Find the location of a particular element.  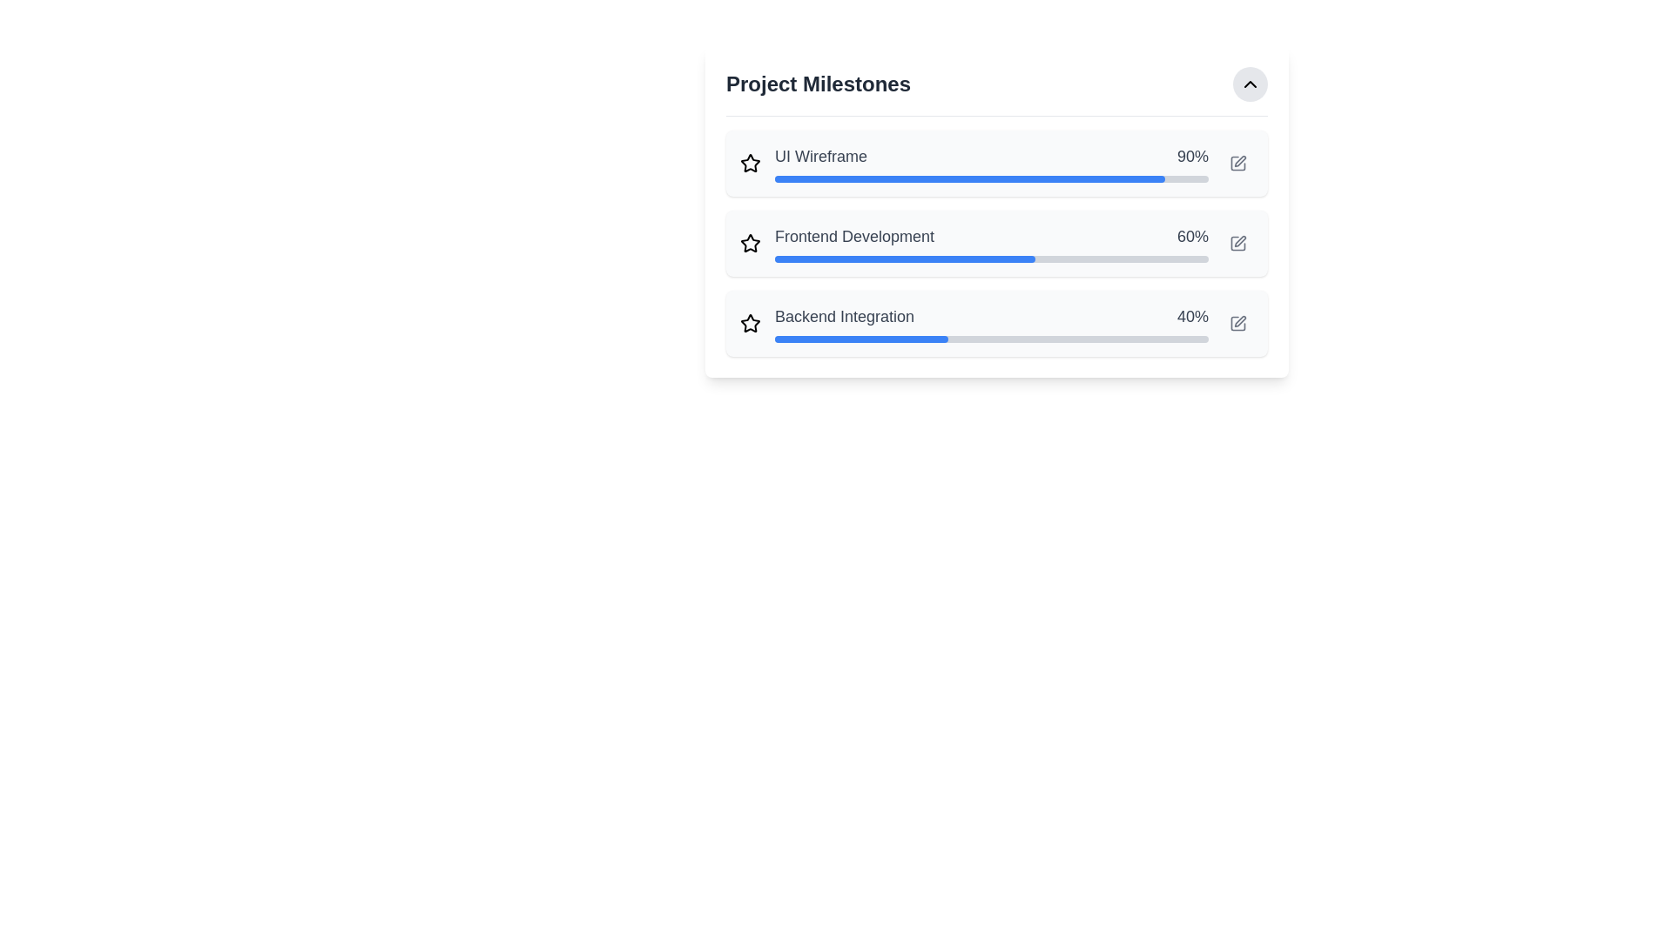

the progress indicator for 'Backend Integration', which is a horizontal bar filled partially with blue color at the bottom of the progress bars is located at coordinates (861, 339).